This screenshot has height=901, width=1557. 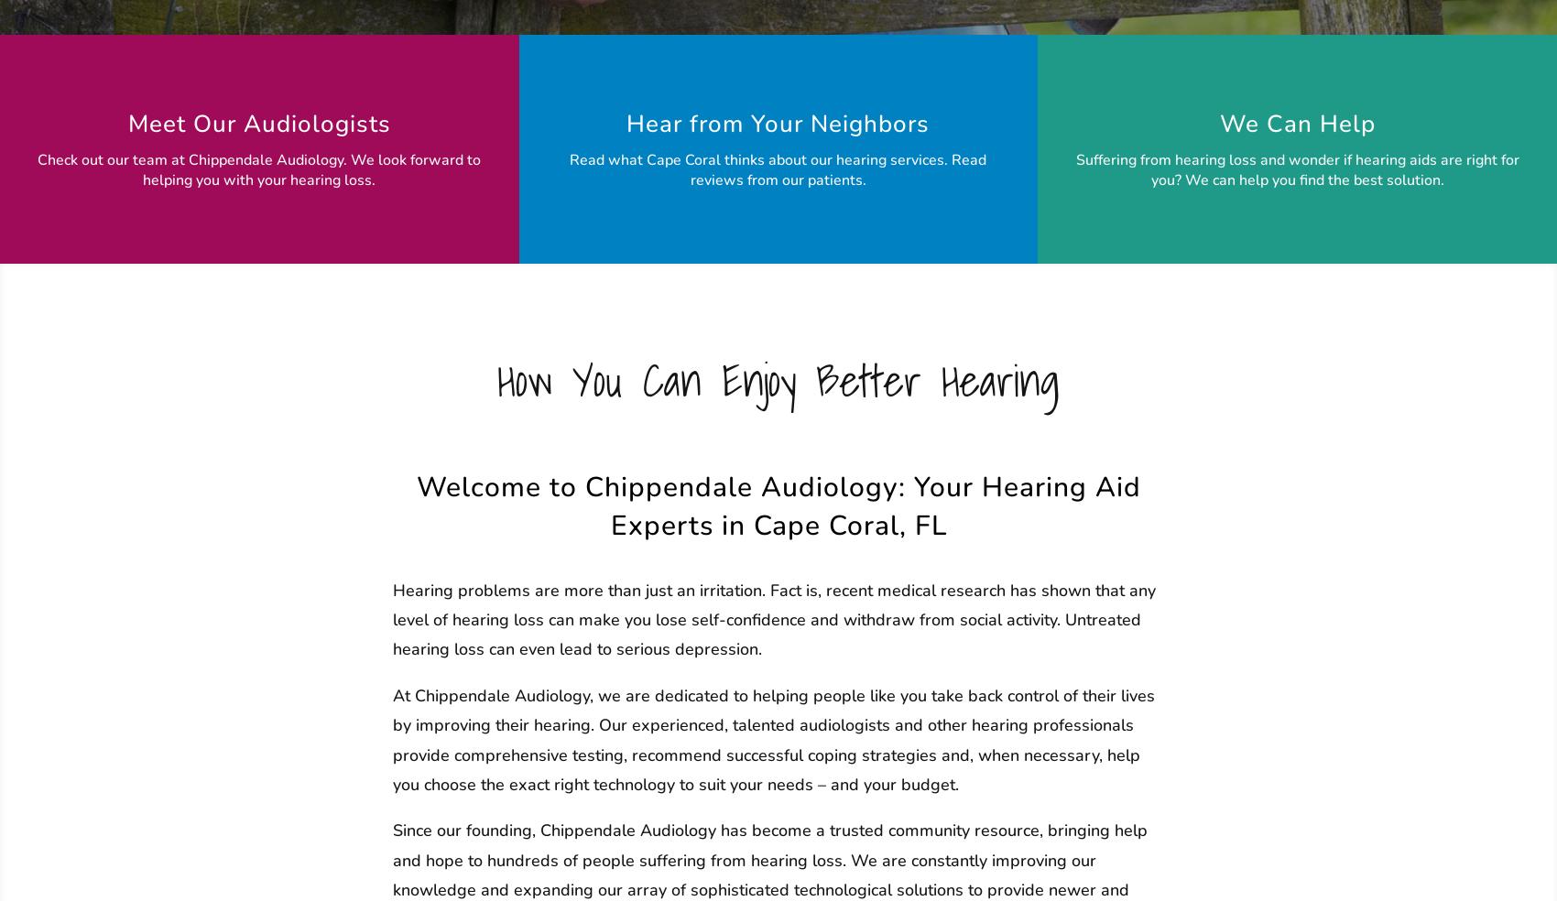 What do you see at coordinates (569, 169) in the screenshot?
I see `'Read what Cape Coral thinks about our hearing services. Read reviews from our patients.'` at bounding box center [569, 169].